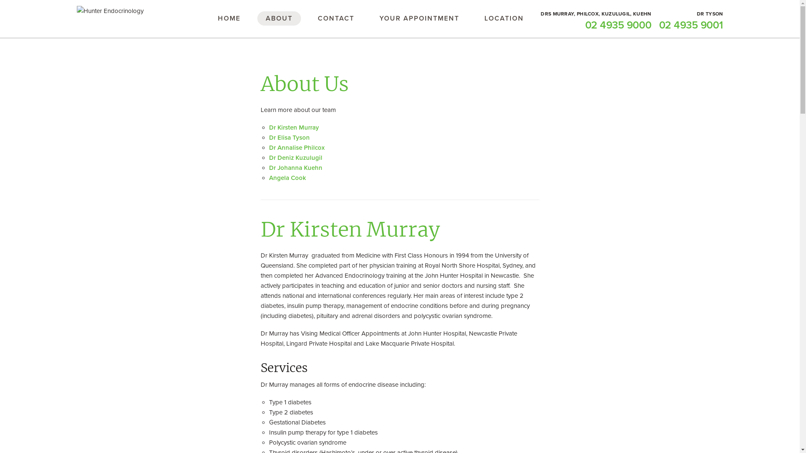 The image size is (806, 453). What do you see at coordinates (287, 177) in the screenshot?
I see `'Angela Cook'` at bounding box center [287, 177].